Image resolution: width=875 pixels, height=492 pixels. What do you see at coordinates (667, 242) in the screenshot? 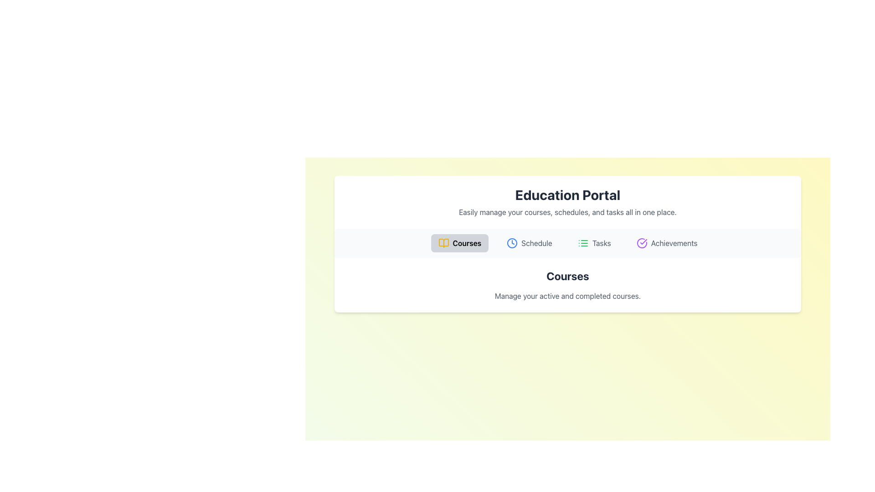
I see `the fourth button on the navigation bar, located at the far-right` at bounding box center [667, 242].